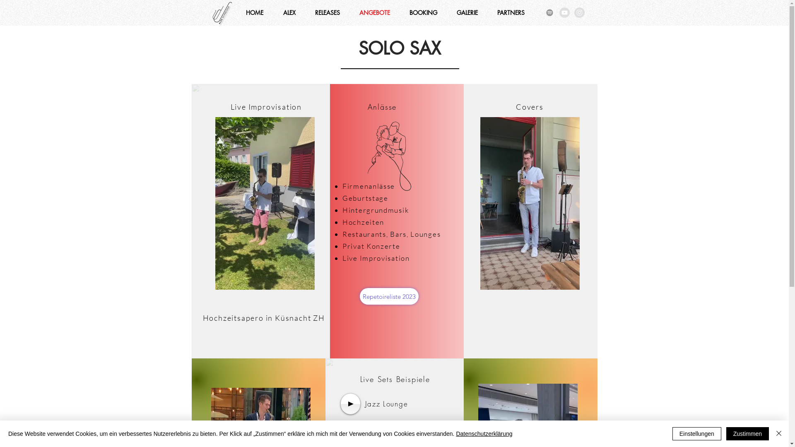  What do you see at coordinates (447, 12) in the screenshot?
I see `'GALERIE'` at bounding box center [447, 12].